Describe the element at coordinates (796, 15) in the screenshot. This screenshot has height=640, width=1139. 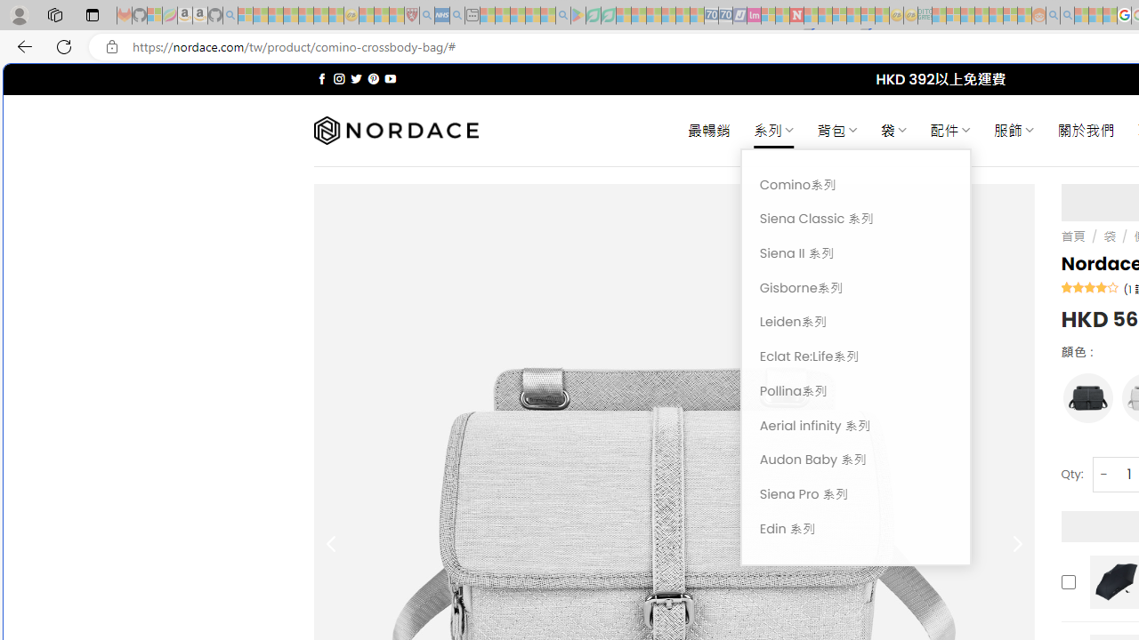
I see `'Latest Politics News & Archive | Newsweek.com - Sleeping'` at that location.